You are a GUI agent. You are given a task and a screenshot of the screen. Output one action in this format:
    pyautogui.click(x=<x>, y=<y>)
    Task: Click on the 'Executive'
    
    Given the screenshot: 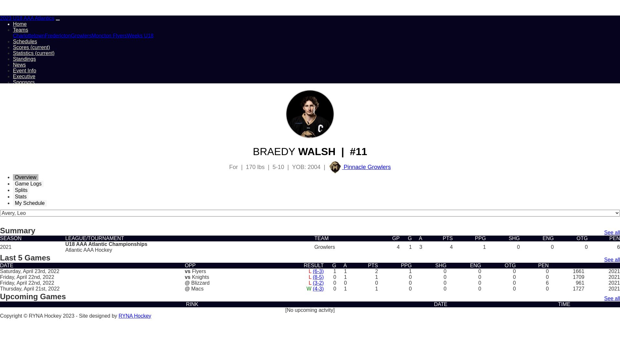 What is the action you would take?
    pyautogui.click(x=24, y=76)
    